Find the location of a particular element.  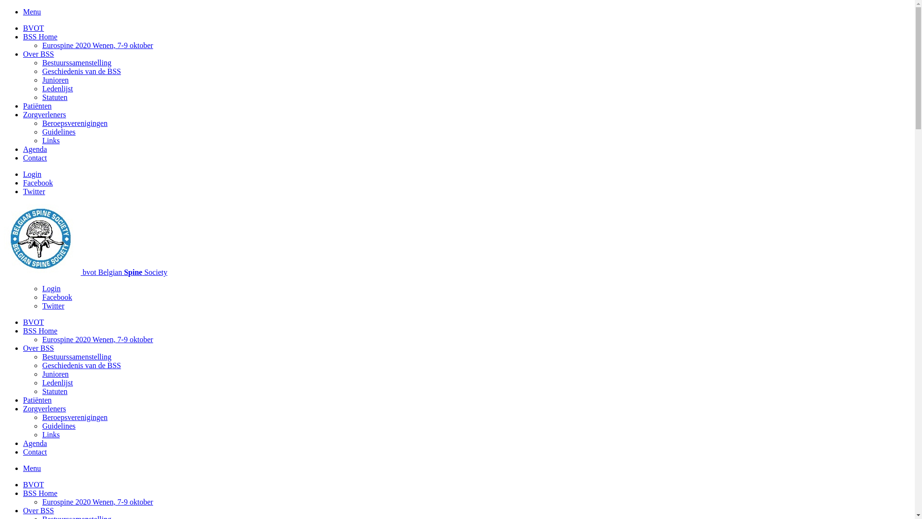

'Facebook' is located at coordinates (37, 183).